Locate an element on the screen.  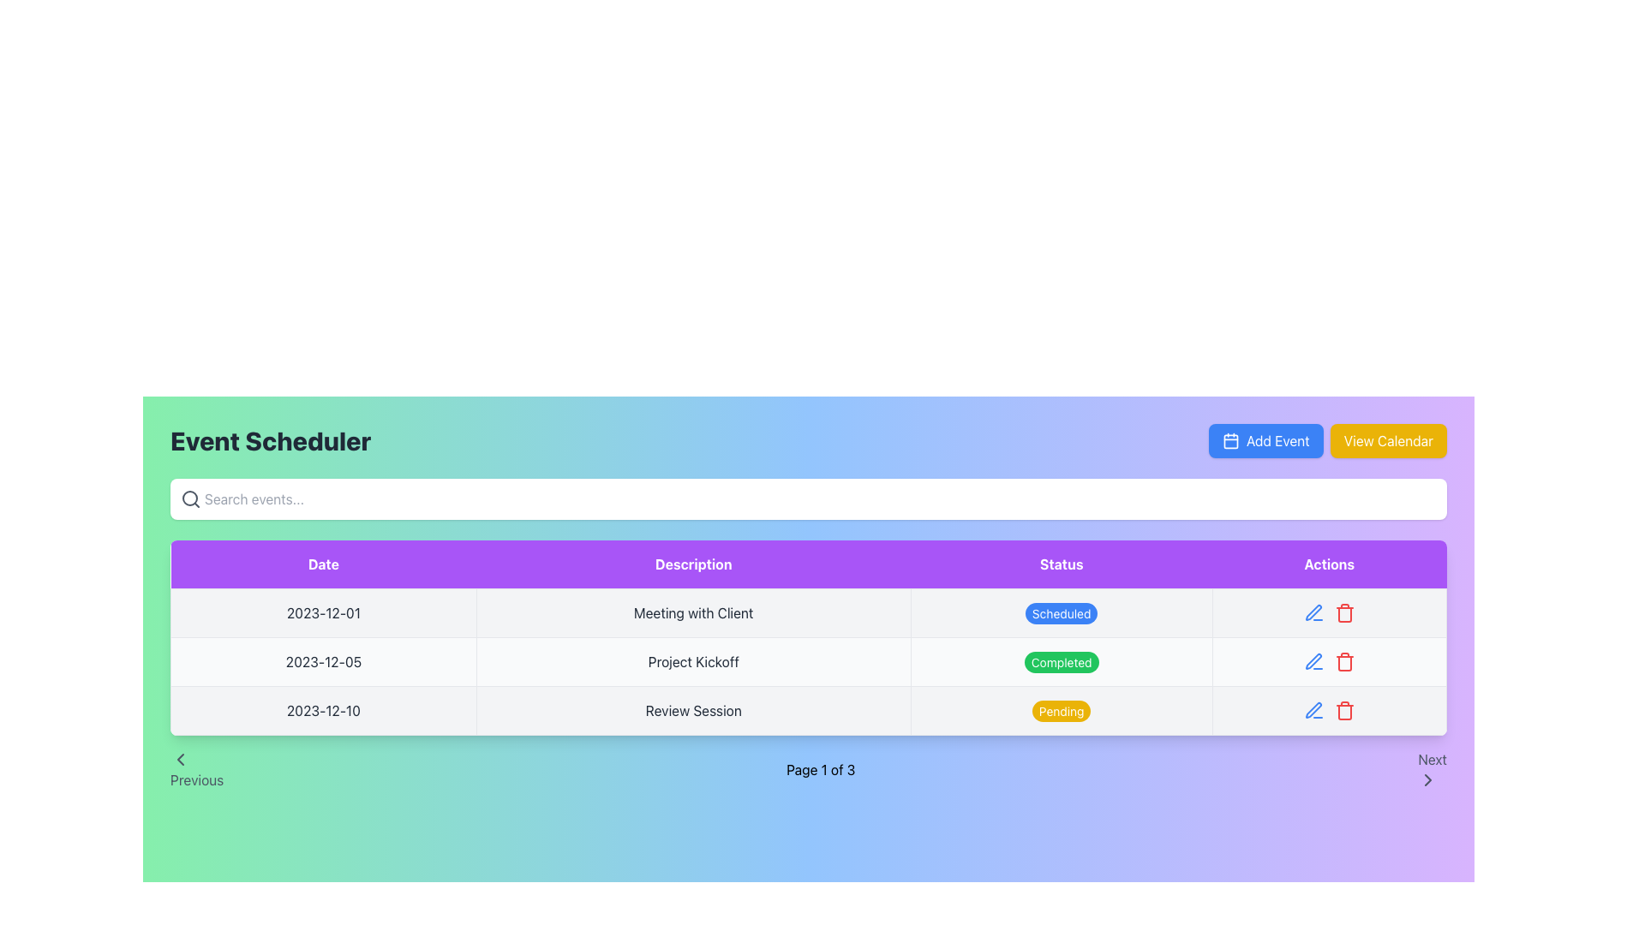
the navigational button on the far left of the pagination bar is located at coordinates (197, 768).